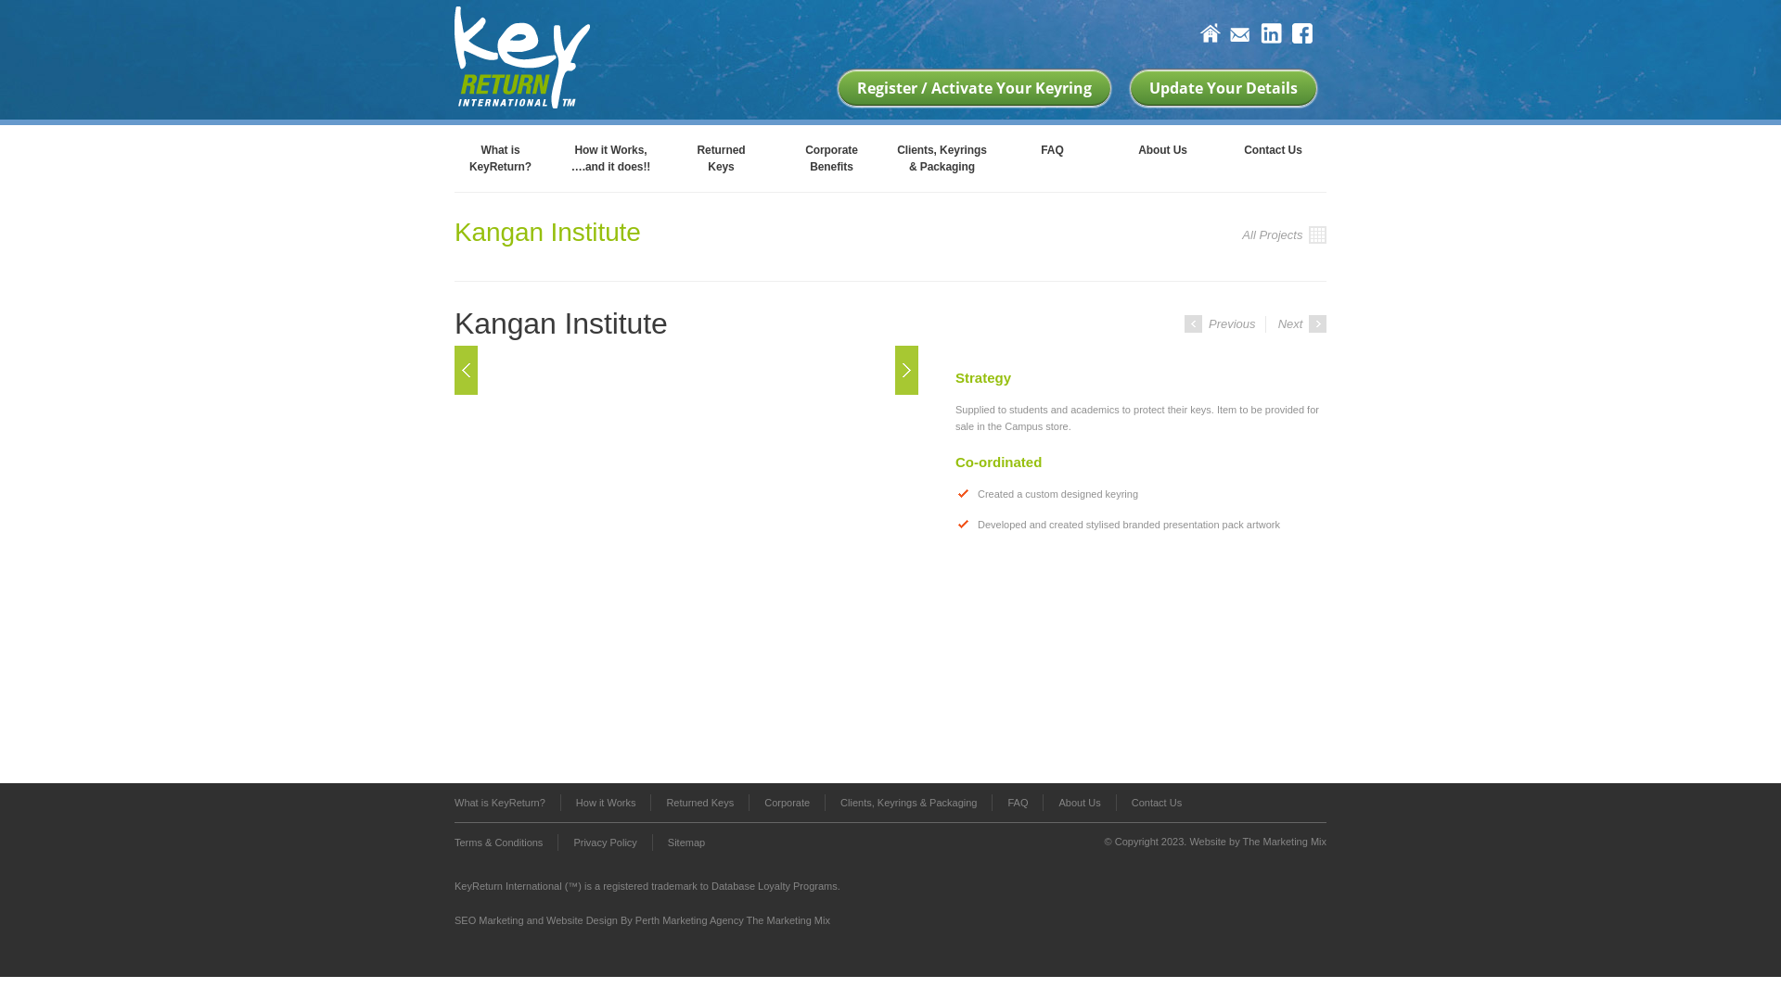 The image size is (1781, 1001). Describe the element at coordinates (720, 155) in the screenshot. I see `'Returned` at that location.